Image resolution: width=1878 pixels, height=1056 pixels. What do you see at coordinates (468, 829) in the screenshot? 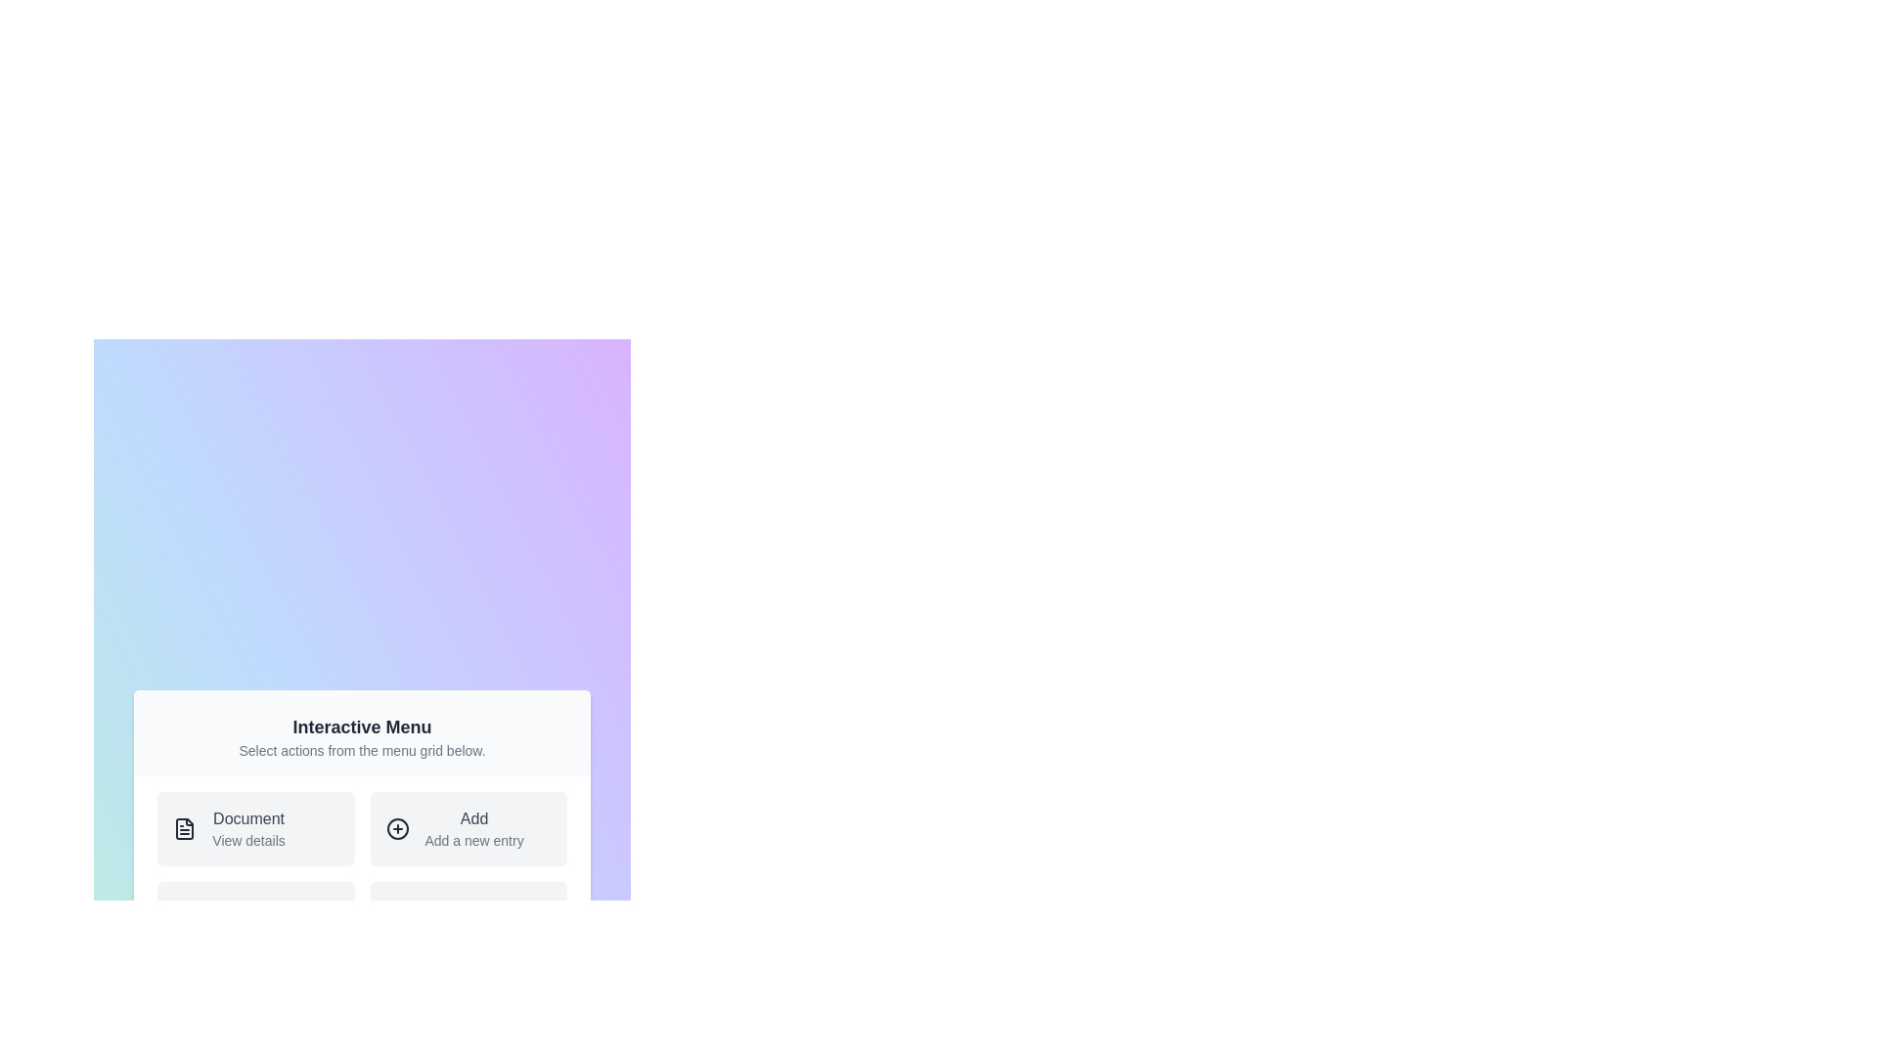
I see `the menu item Add` at bounding box center [468, 829].